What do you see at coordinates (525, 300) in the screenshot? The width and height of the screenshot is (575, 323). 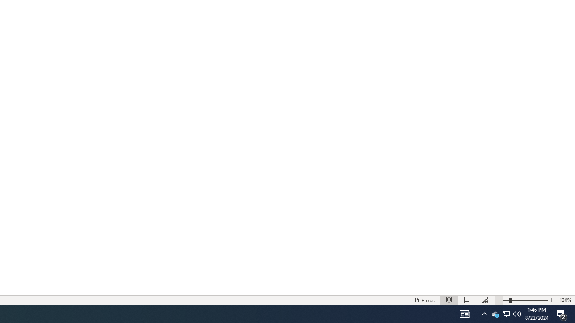 I see `'Text Size'` at bounding box center [525, 300].